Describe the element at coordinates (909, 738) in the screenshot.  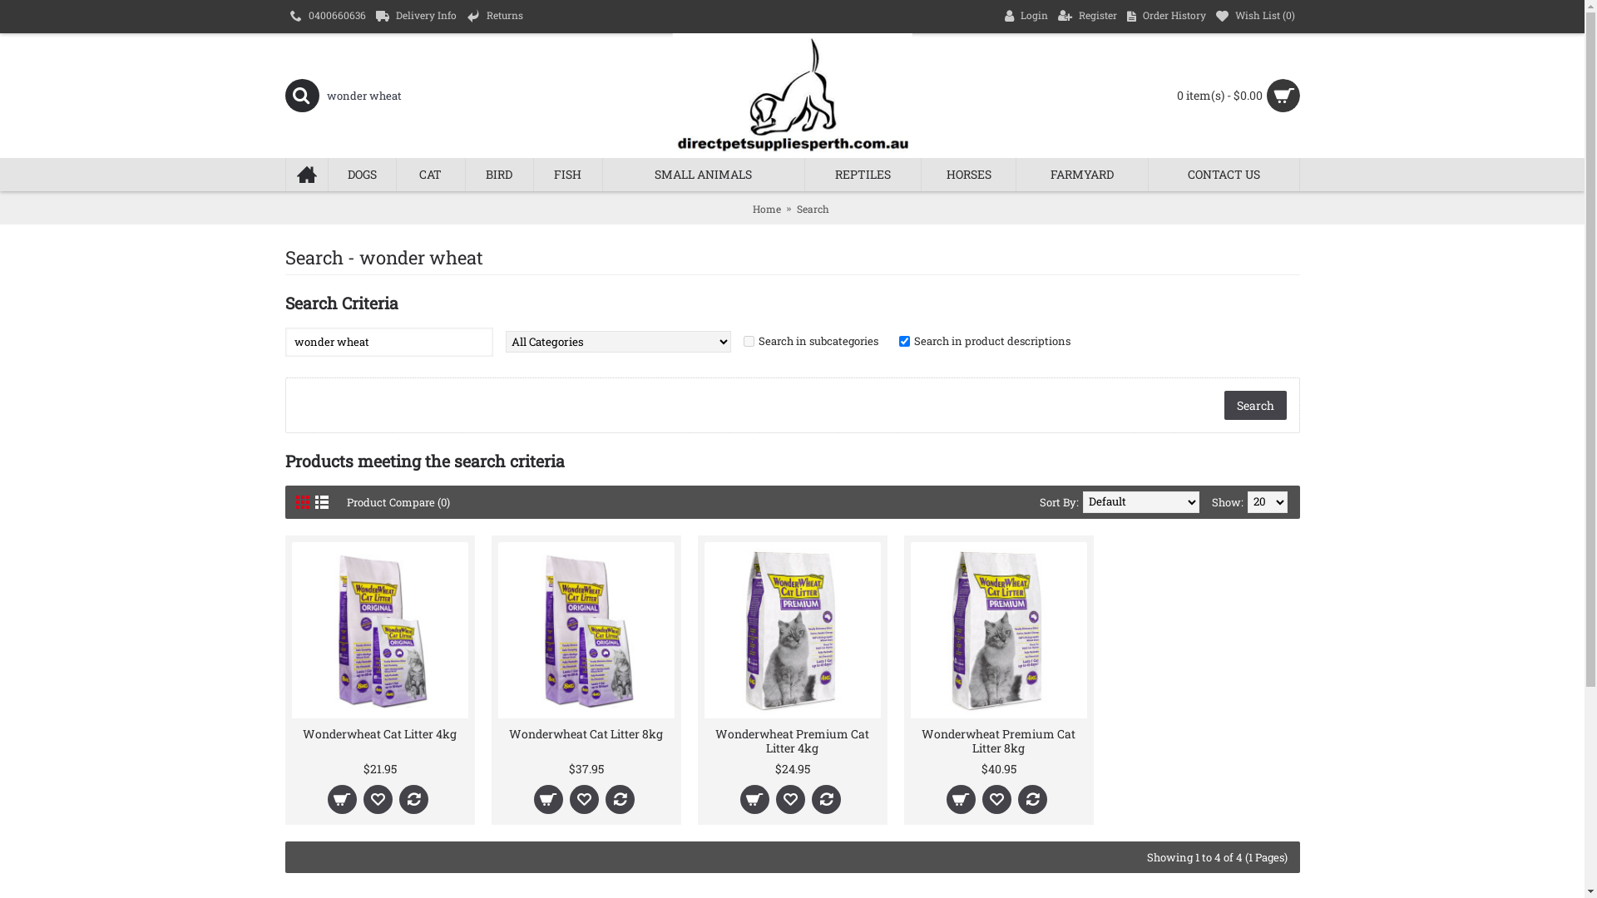
I see `'Wonderwheat Premium Cat Litter 8kg'` at that location.